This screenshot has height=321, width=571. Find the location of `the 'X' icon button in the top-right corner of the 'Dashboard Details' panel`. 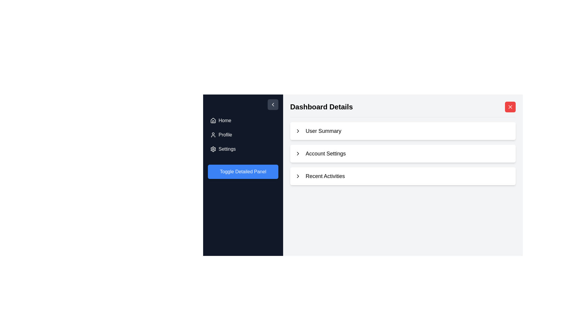

the 'X' icon button in the top-right corner of the 'Dashboard Details' panel is located at coordinates (510, 106).